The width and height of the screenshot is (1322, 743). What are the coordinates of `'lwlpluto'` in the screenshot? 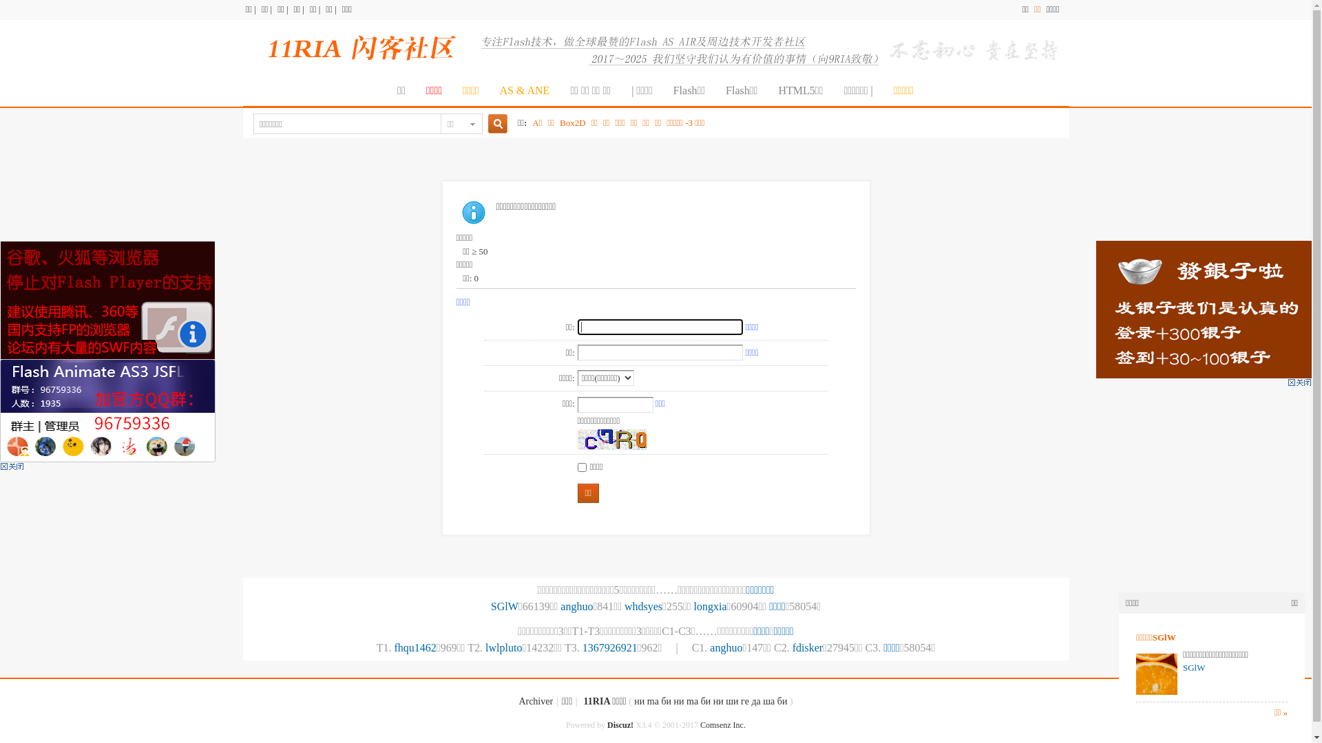 It's located at (503, 647).